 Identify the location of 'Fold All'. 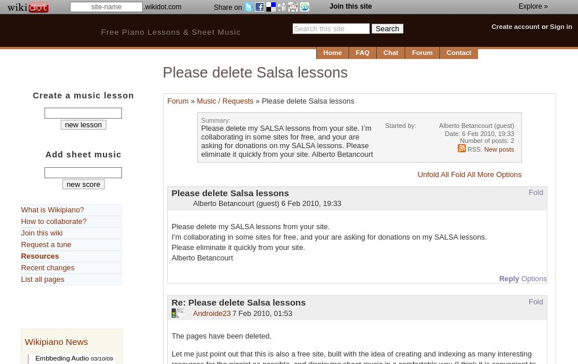
(463, 173).